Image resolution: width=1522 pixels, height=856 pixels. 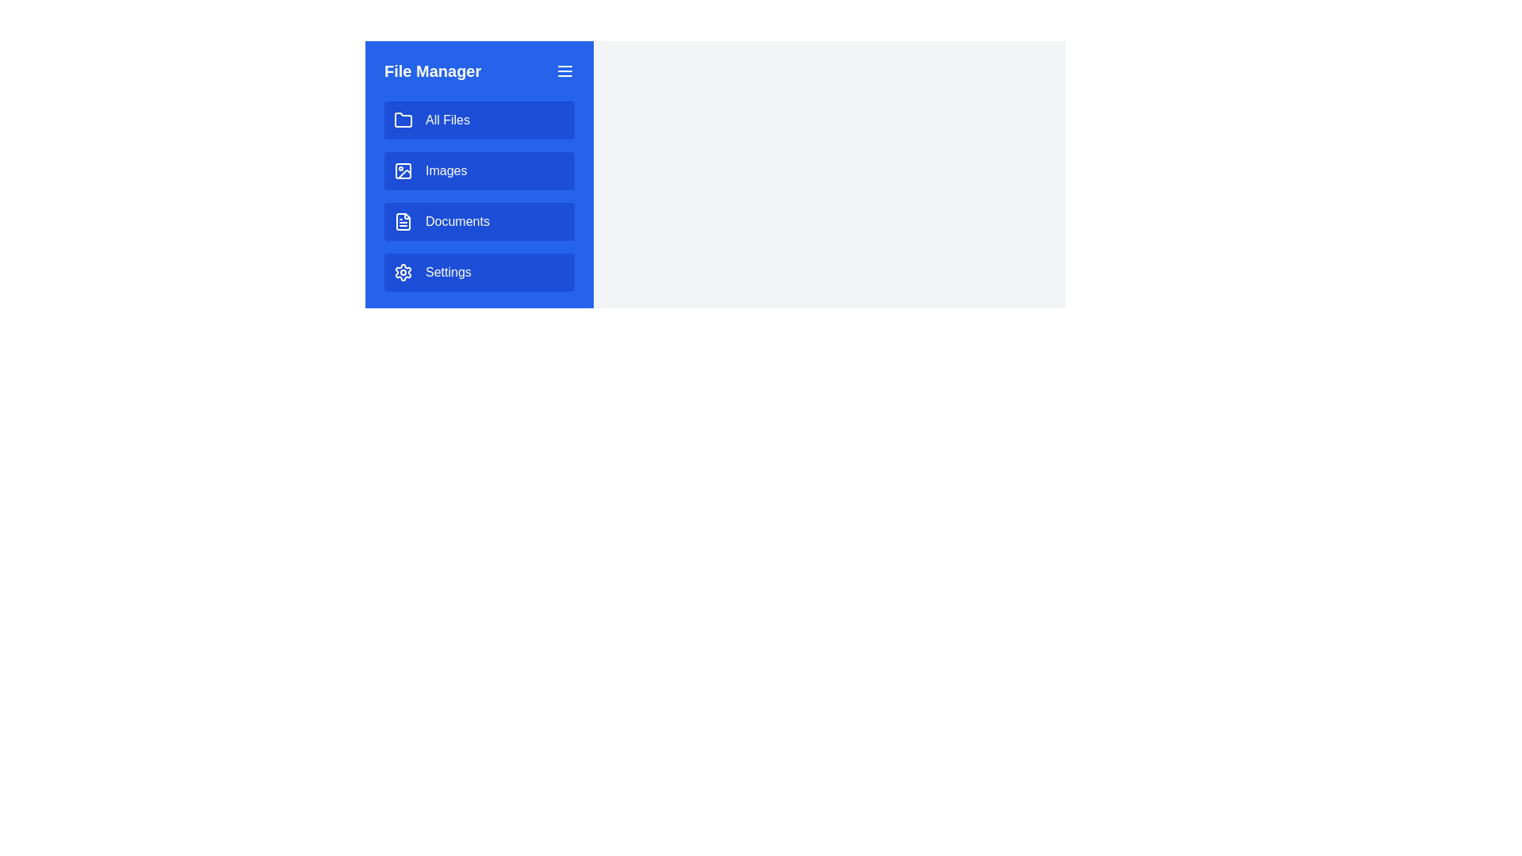 I want to click on the navigation menu item labeled Images, so click(x=478, y=171).